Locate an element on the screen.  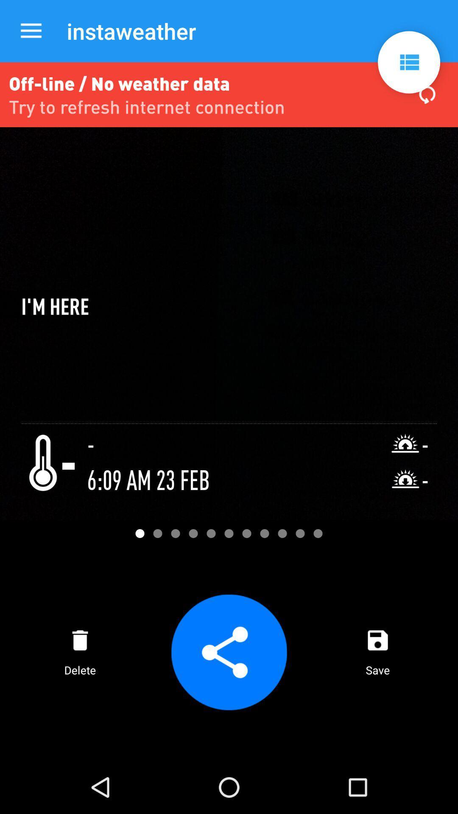
the icon next to delete item is located at coordinates (229, 652).